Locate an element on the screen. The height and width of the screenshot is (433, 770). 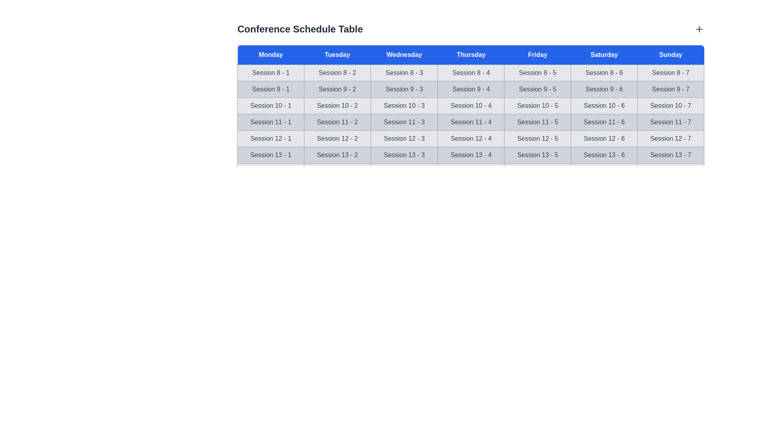
the plus icon to add a new item is located at coordinates (699, 29).